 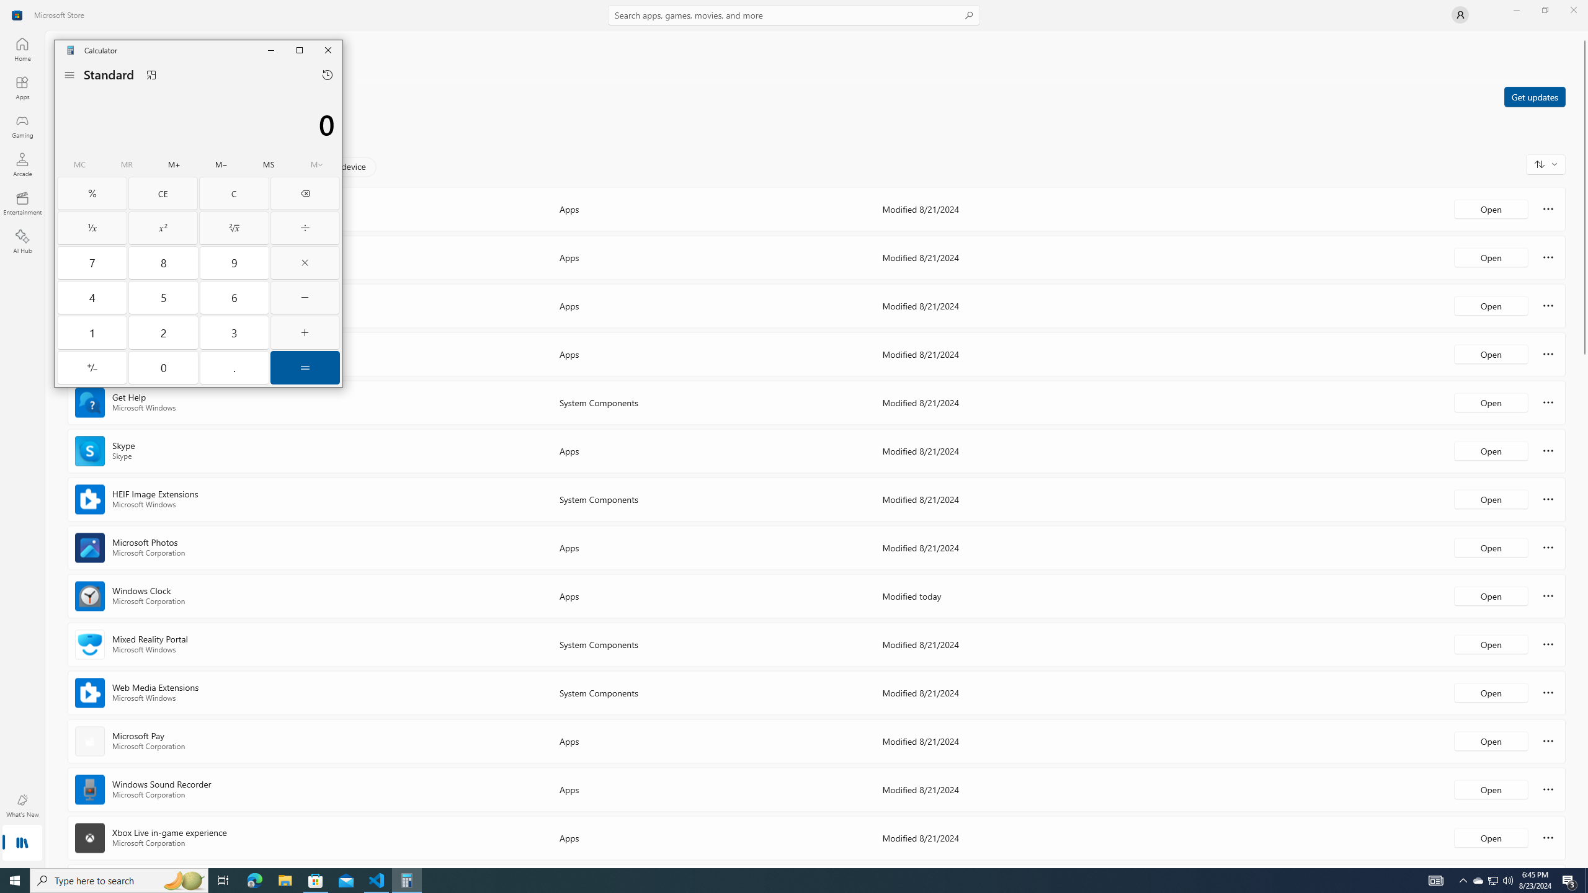 What do you see at coordinates (21, 125) in the screenshot?
I see `'Gaming'` at bounding box center [21, 125].